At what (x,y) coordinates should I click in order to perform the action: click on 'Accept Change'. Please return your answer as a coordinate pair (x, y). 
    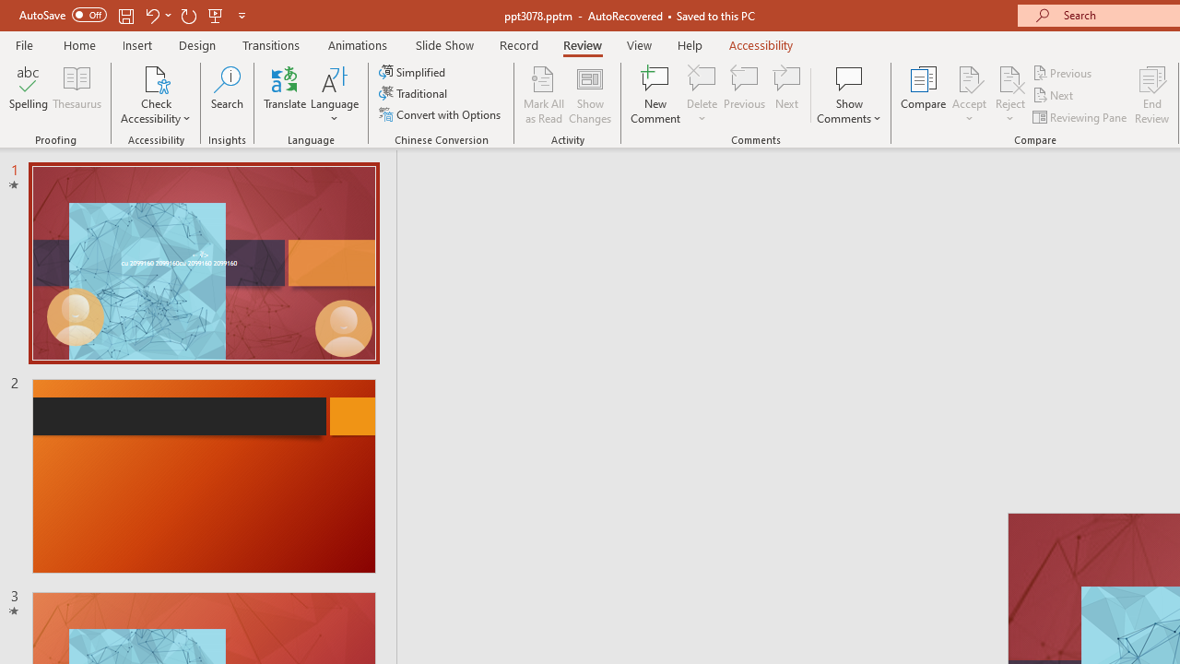
    Looking at the image, I should click on (968, 77).